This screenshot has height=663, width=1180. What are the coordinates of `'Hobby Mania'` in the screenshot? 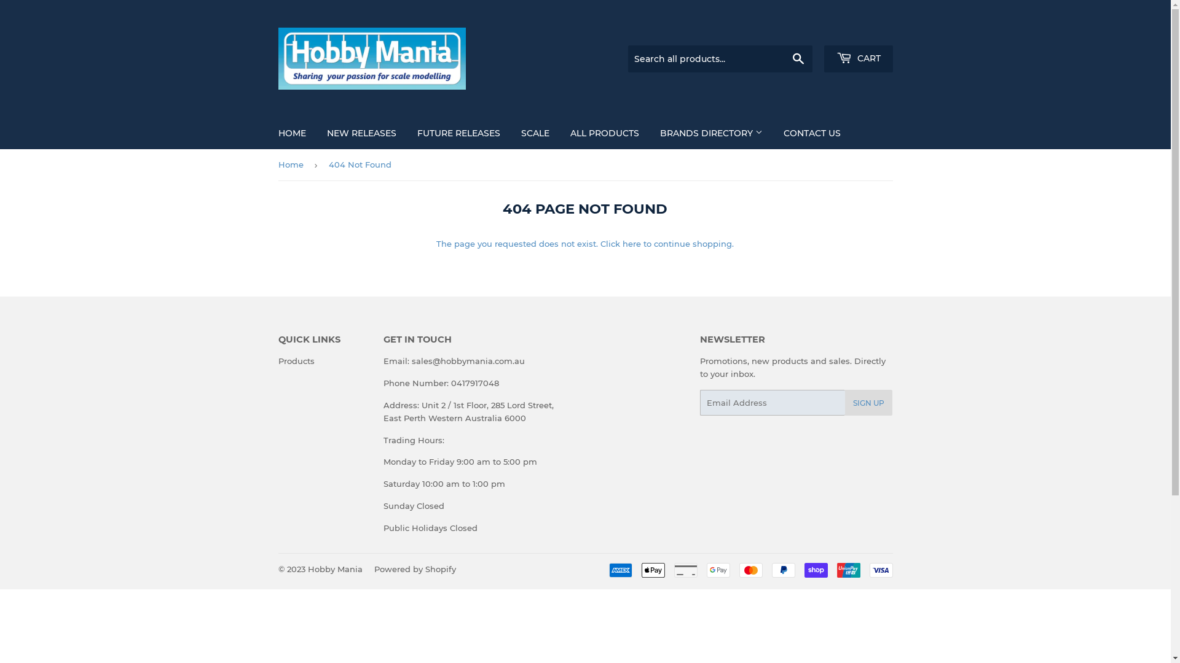 It's located at (334, 568).